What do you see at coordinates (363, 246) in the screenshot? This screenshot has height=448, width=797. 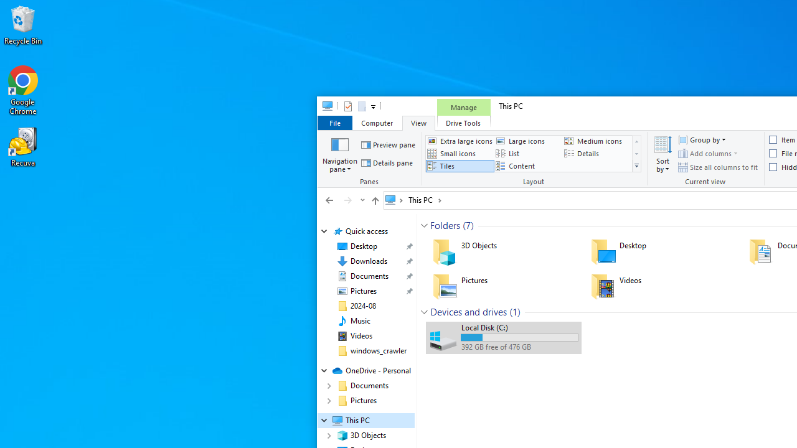 I see `'Desktop (pinned)'` at bounding box center [363, 246].